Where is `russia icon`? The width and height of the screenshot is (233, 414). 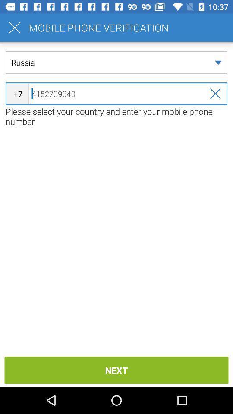 russia icon is located at coordinates (116, 62).